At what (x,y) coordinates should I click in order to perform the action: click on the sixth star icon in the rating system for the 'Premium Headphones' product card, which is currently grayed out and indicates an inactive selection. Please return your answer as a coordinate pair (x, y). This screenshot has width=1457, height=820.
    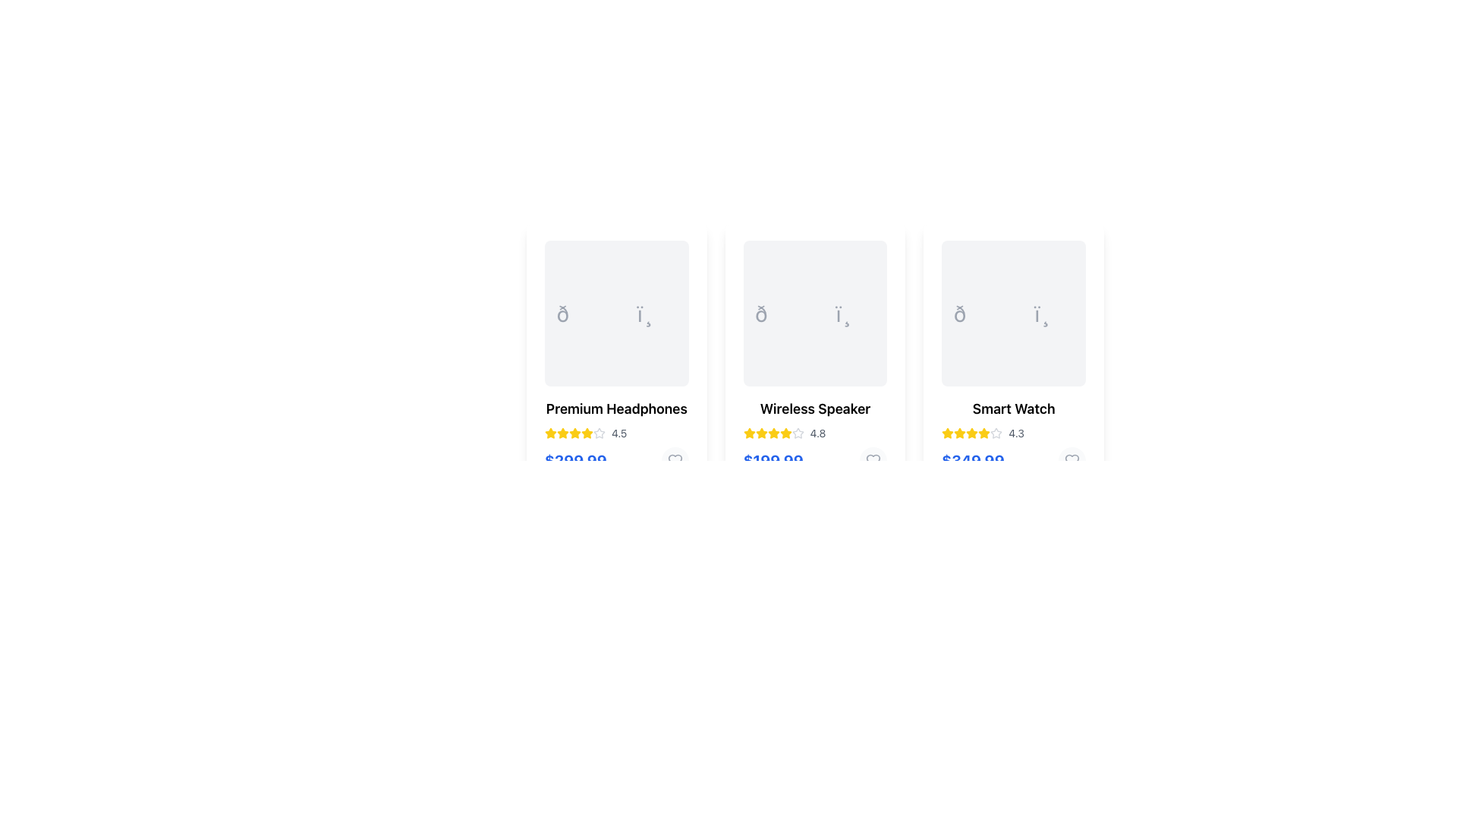
    Looking at the image, I should click on (599, 433).